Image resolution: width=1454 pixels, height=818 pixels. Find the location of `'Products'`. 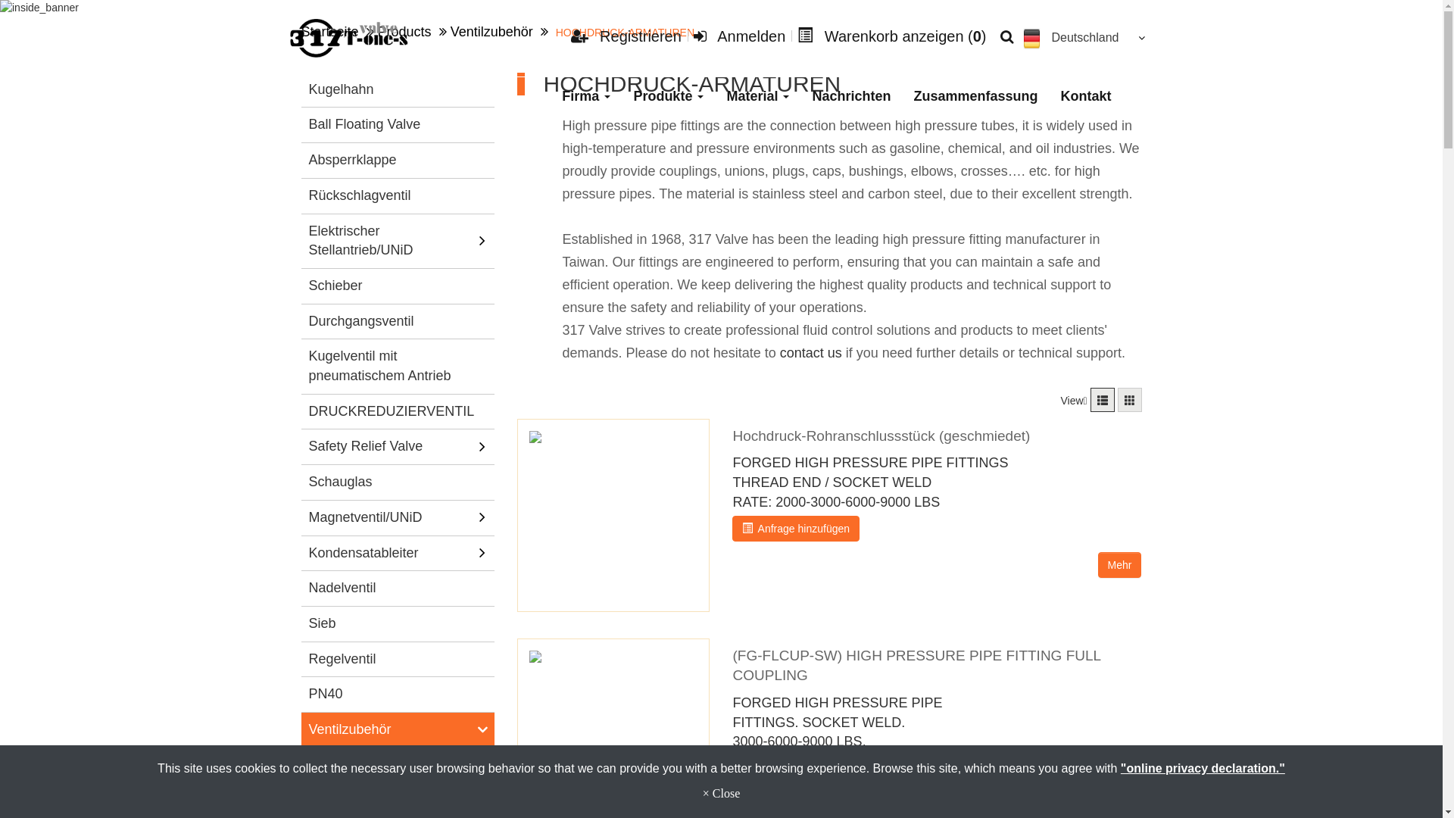

'Products' is located at coordinates (404, 32).